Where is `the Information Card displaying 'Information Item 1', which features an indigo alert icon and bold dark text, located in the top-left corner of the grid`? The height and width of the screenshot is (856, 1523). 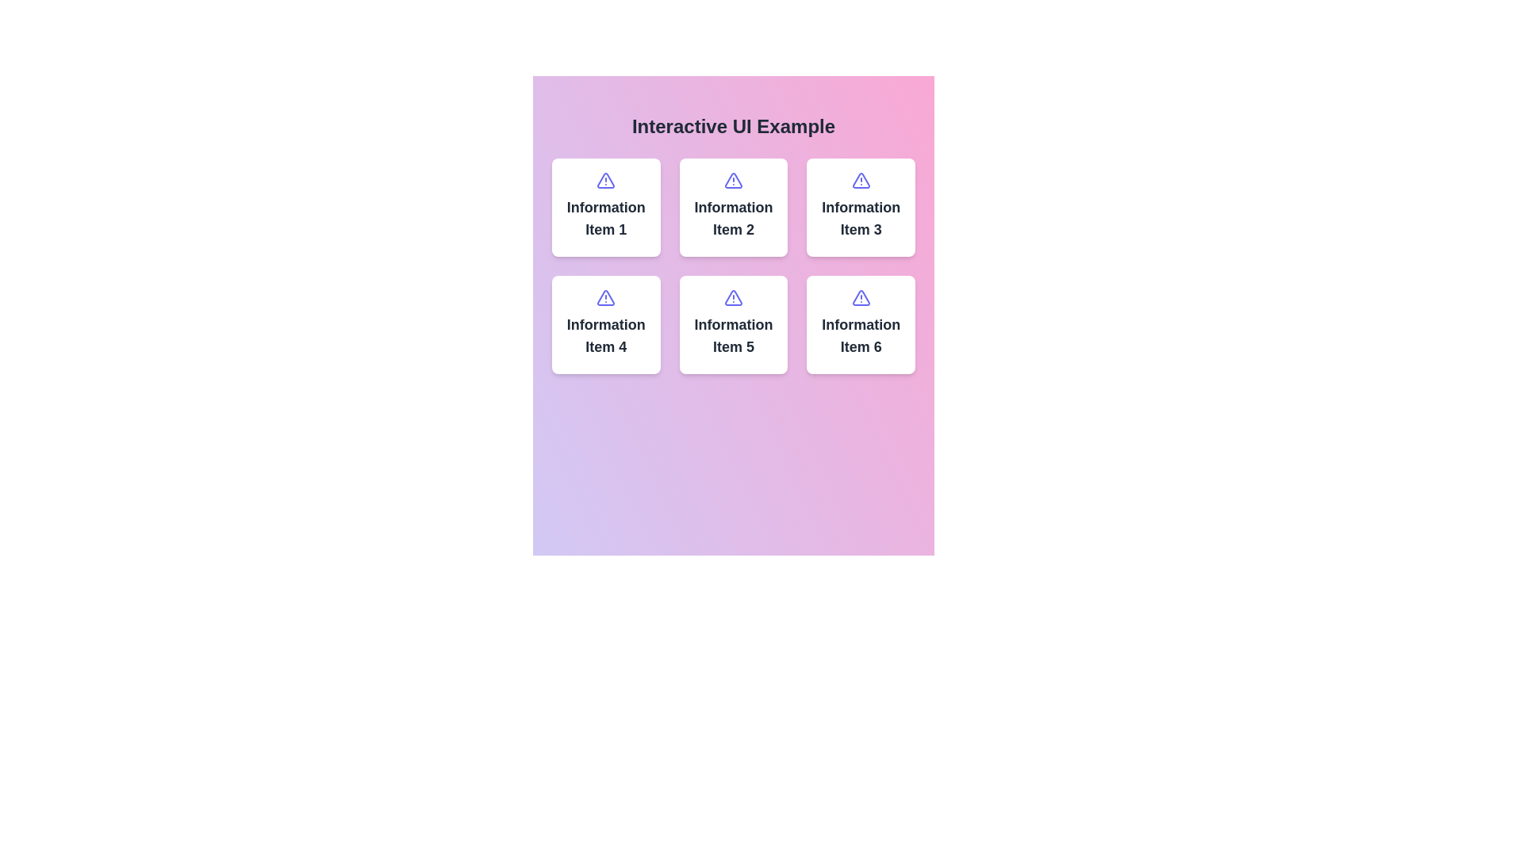
the Information Card displaying 'Information Item 1', which features an indigo alert icon and bold dark text, located in the top-left corner of the grid is located at coordinates (605, 207).